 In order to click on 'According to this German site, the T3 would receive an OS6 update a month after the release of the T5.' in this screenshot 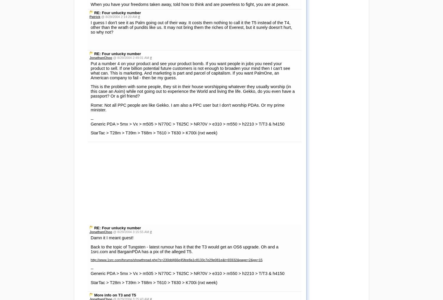, I will do `click(91, 147)`.